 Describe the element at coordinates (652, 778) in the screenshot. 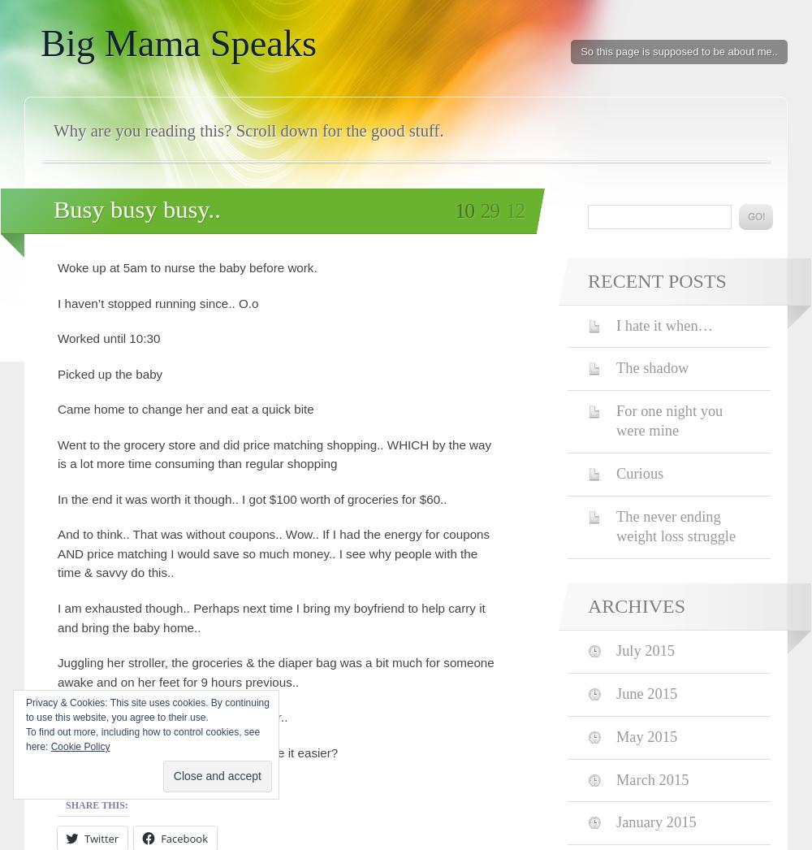

I see `'March 2015'` at that location.